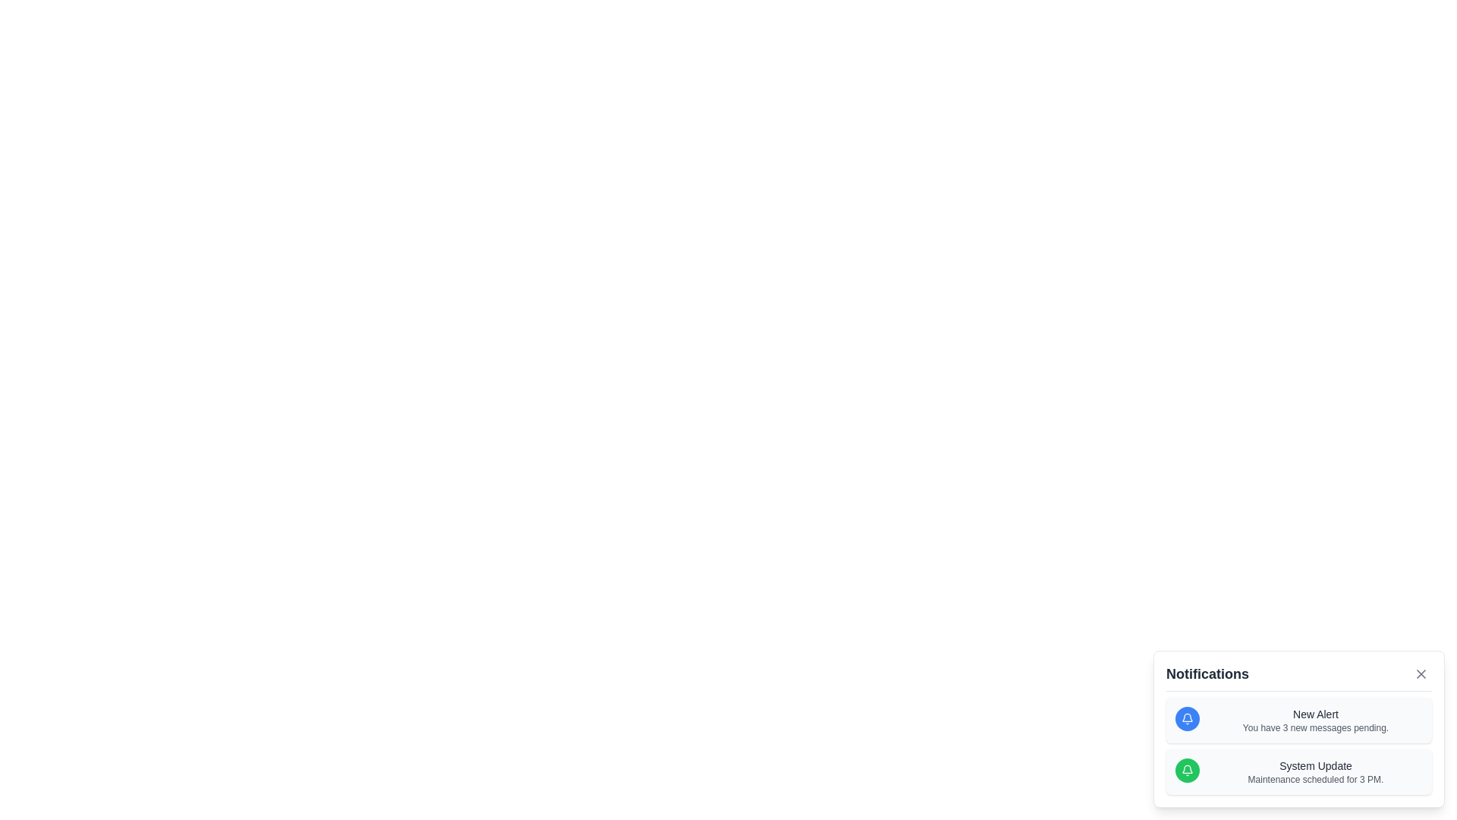  I want to click on the bell icon, which is a 24x24 pixel line drawing on a blue background, located, so click(1186, 718).